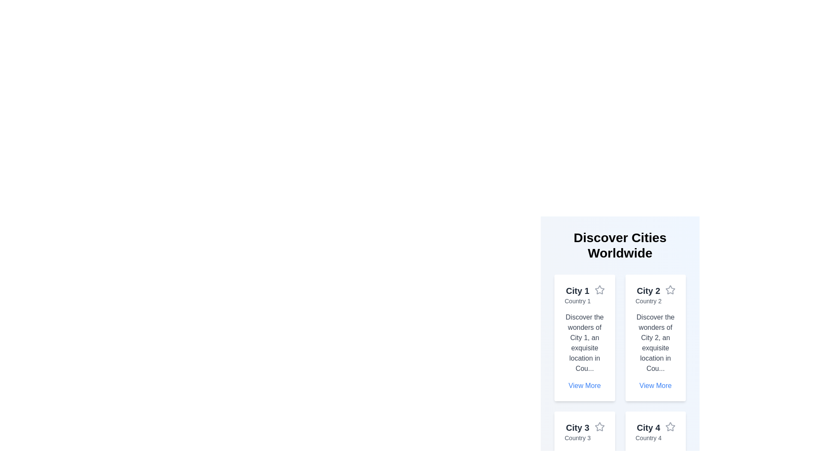  I want to click on the text label displaying 'Country 1', which is positioned below the 'City 1' heading in a card layout, so click(578, 301).